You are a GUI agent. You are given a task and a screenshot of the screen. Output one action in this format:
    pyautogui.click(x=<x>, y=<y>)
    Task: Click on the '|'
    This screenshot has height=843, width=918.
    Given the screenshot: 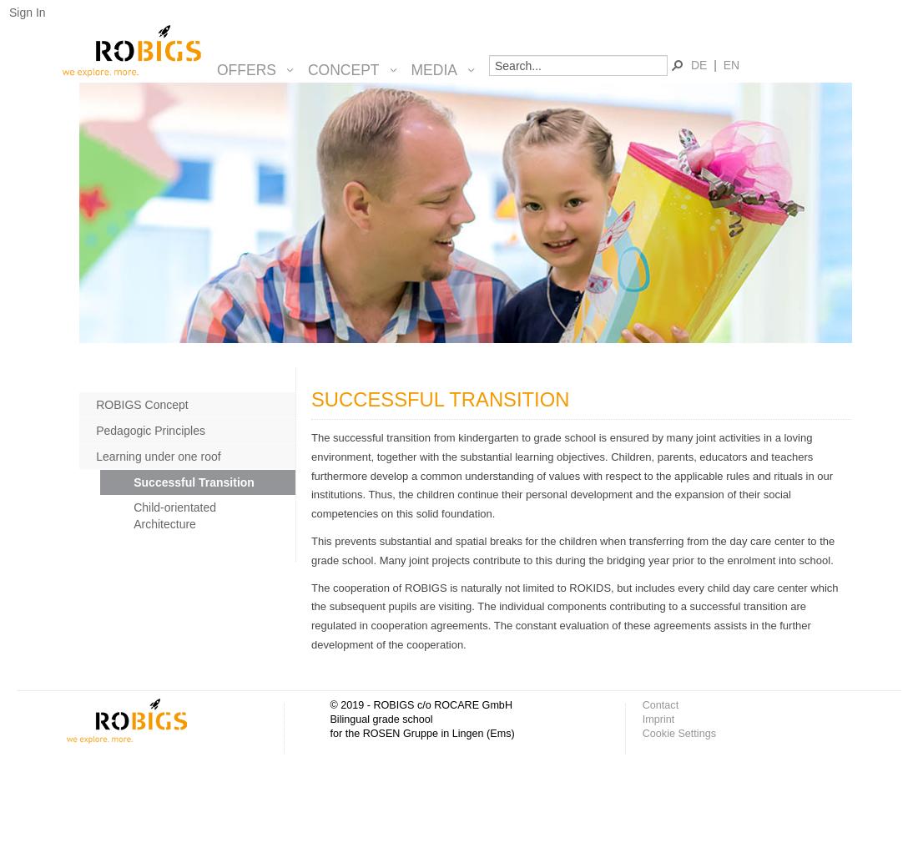 What is the action you would take?
    pyautogui.click(x=715, y=63)
    